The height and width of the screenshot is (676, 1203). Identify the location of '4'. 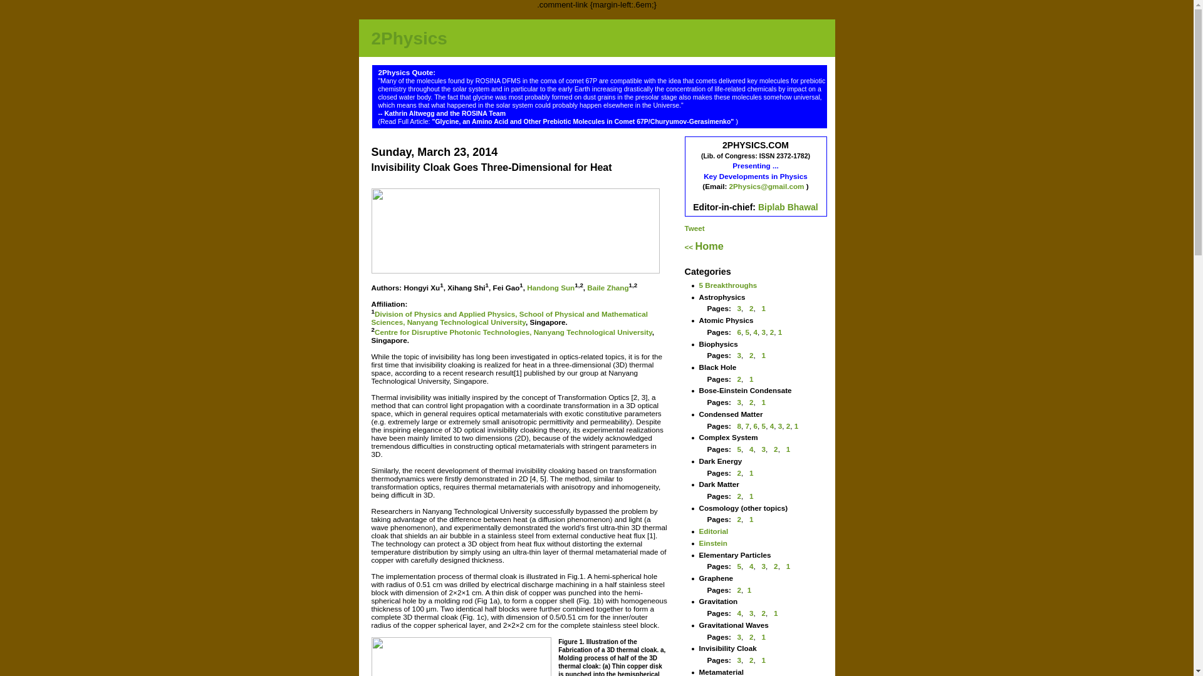
(751, 448).